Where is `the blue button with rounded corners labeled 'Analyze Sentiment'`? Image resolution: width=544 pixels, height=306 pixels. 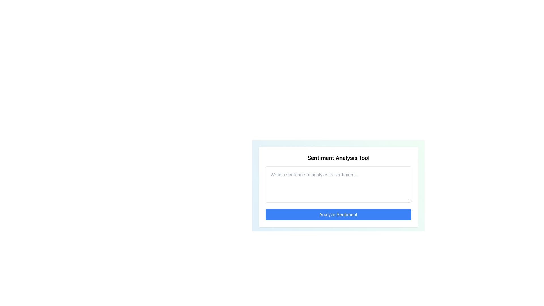 the blue button with rounded corners labeled 'Analyze Sentiment' is located at coordinates (338, 214).